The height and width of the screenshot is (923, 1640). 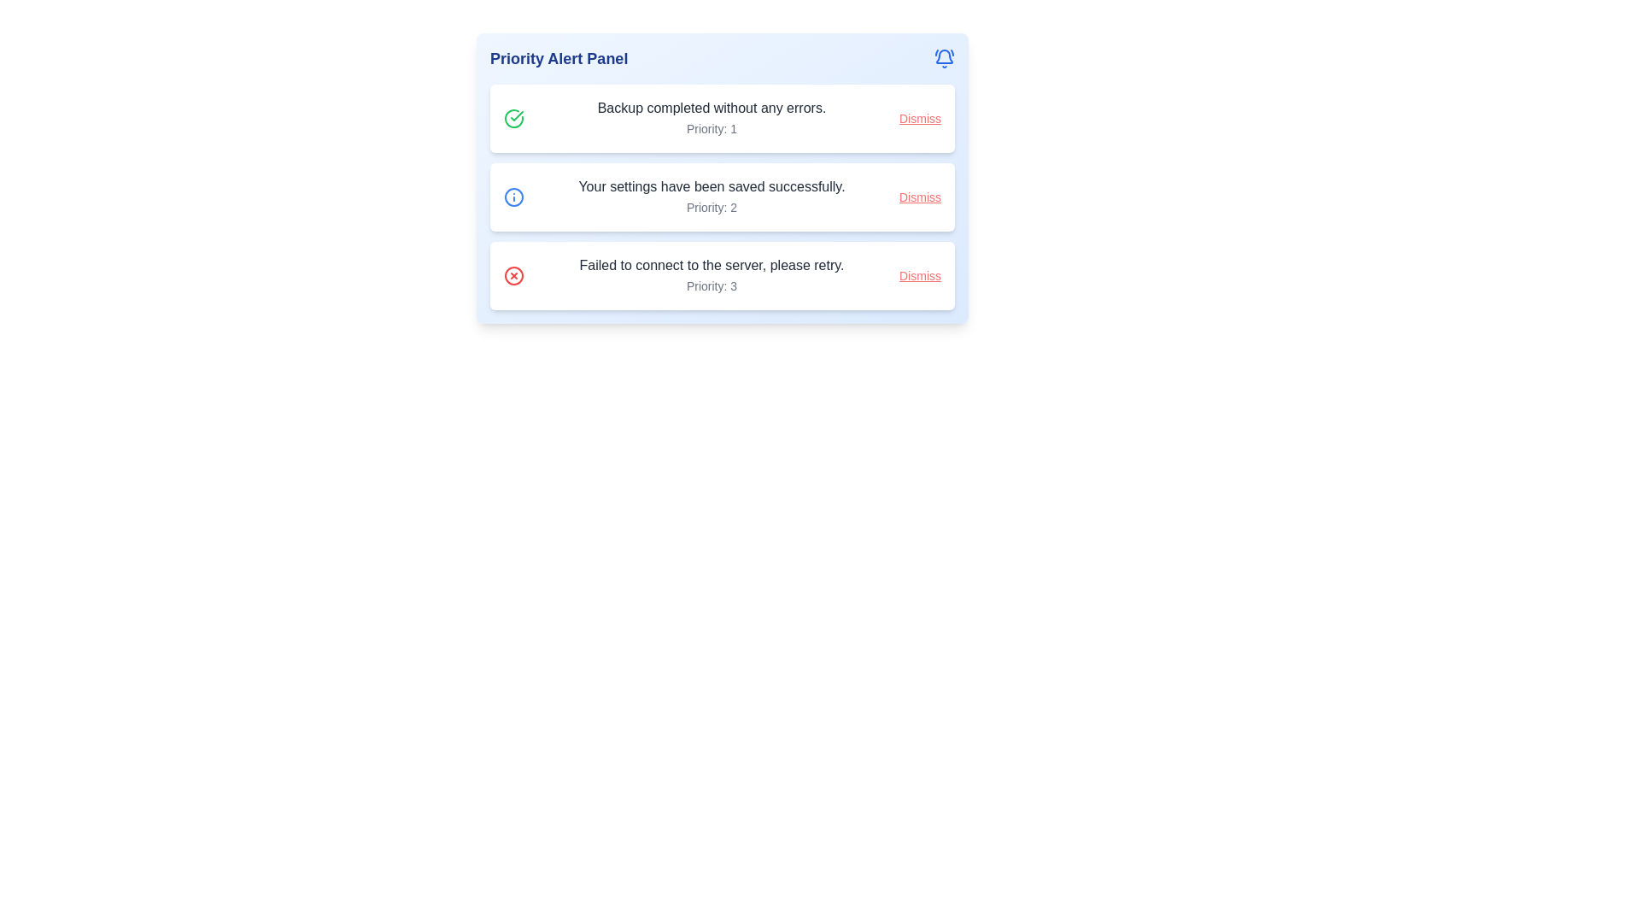 I want to click on priority level displayed in the small gray text label showing 'Priority: 3', which is located below the error message in the third alert entry of the 'Priority Alert Panel', so click(x=712, y=285).